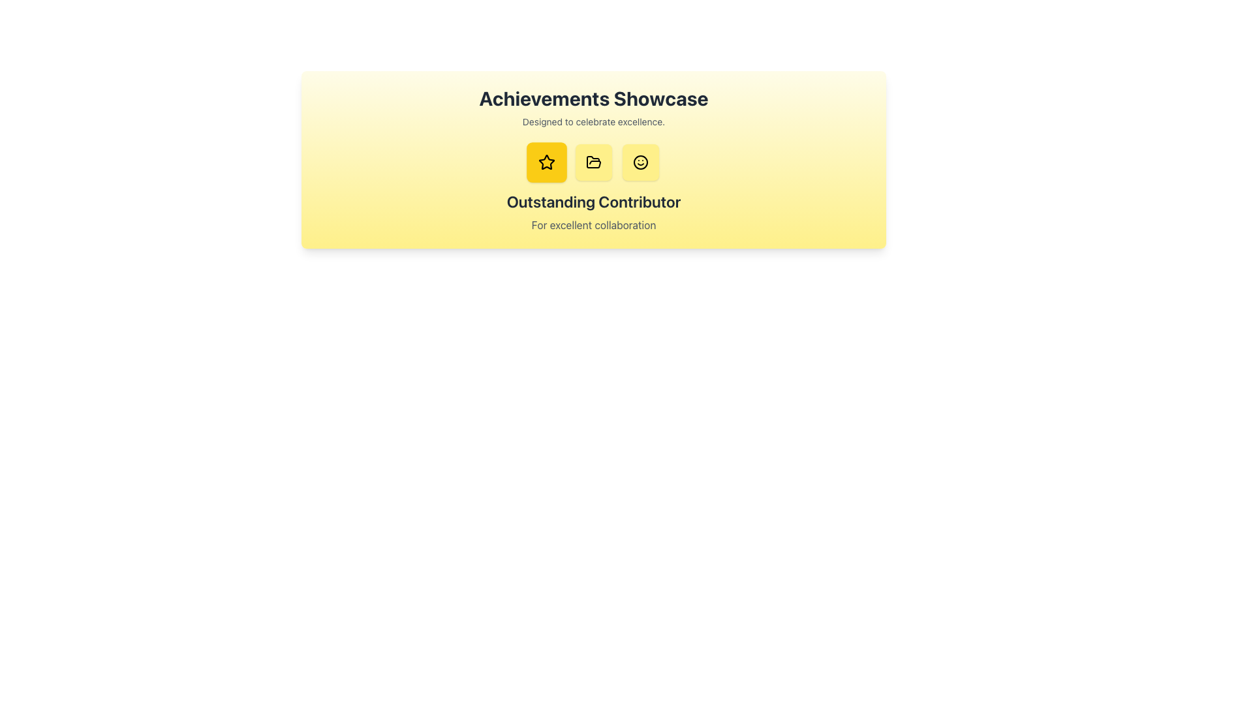 The width and height of the screenshot is (1253, 705). I want to click on the second square button from the left in the horizontal row of three squares located in the middle section of the 'Achievements Showcase' card, so click(593, 162).